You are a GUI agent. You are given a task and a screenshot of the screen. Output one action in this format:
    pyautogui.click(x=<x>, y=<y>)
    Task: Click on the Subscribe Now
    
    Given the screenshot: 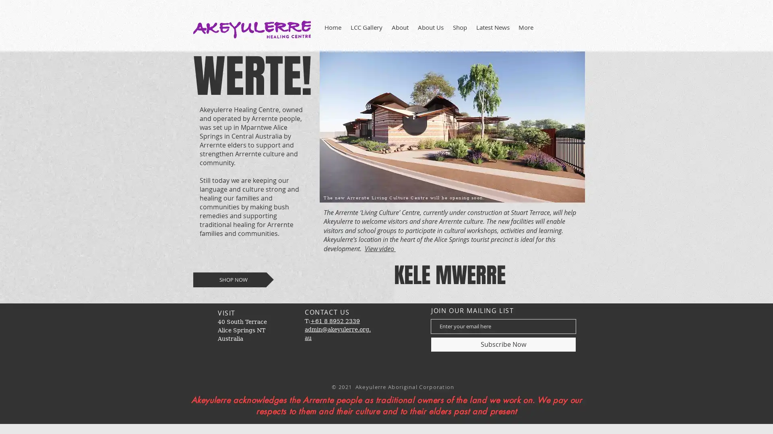 What is the action you would take?
    pyautogui.click(x=503, y=344)
    